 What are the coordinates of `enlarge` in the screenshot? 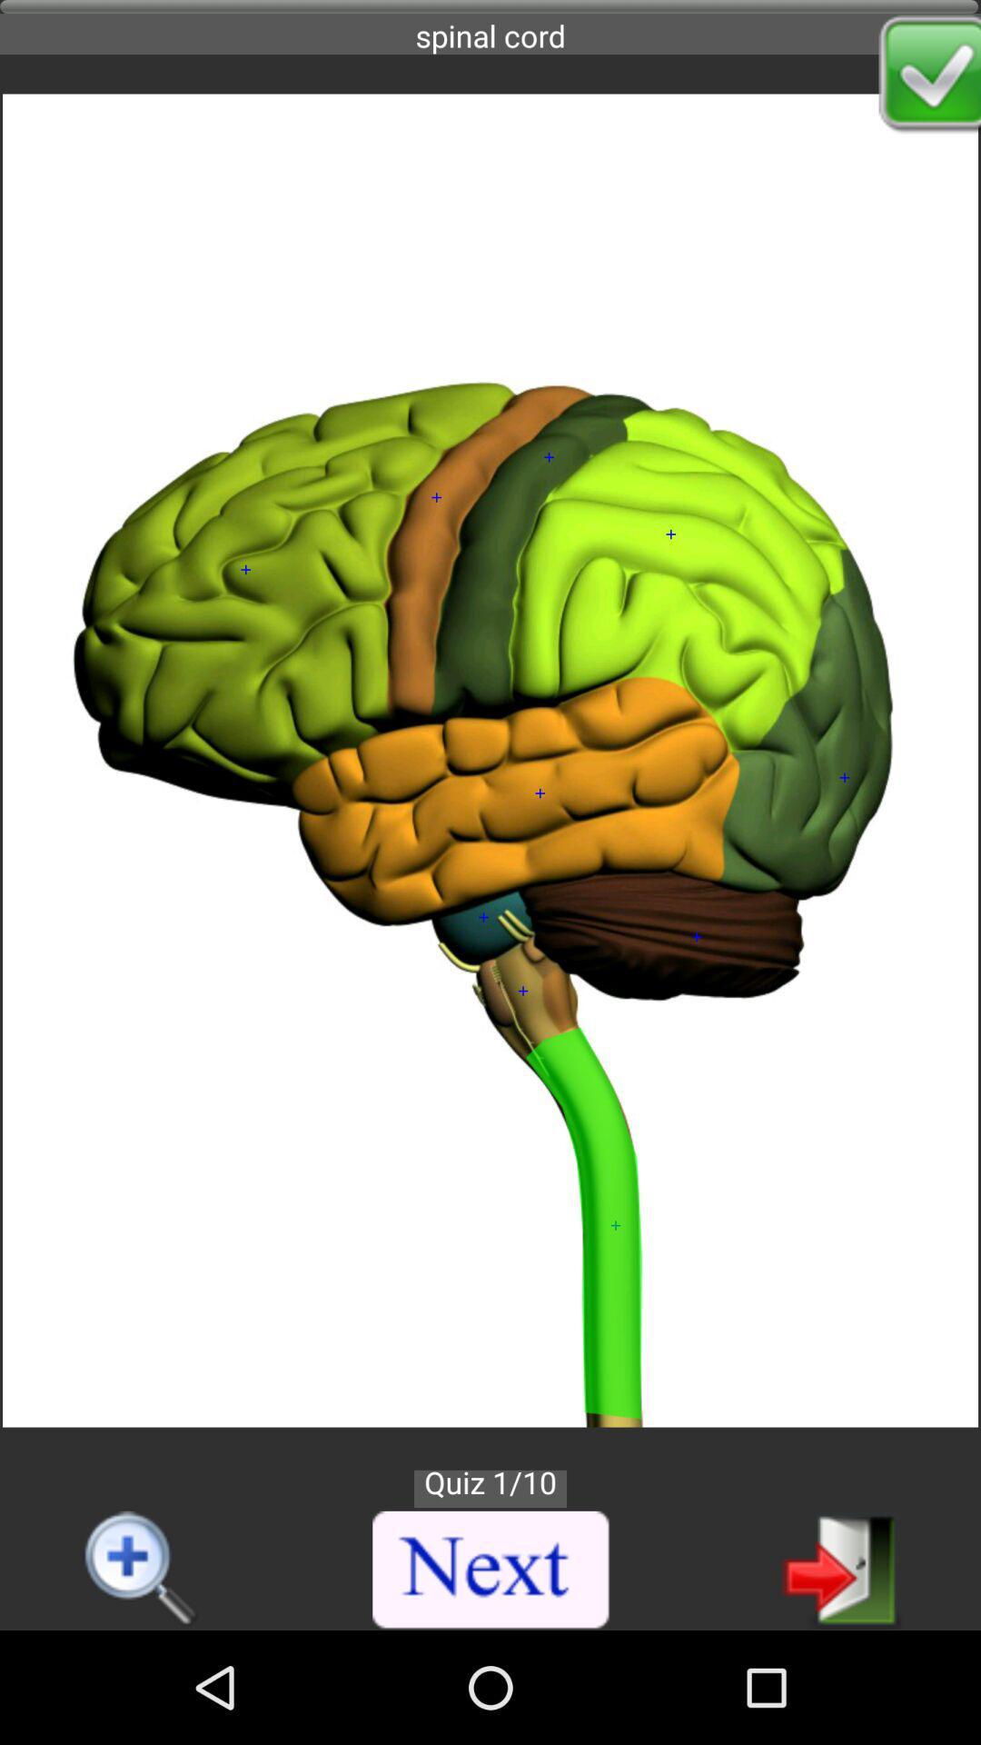 It's located at (142, 1570).